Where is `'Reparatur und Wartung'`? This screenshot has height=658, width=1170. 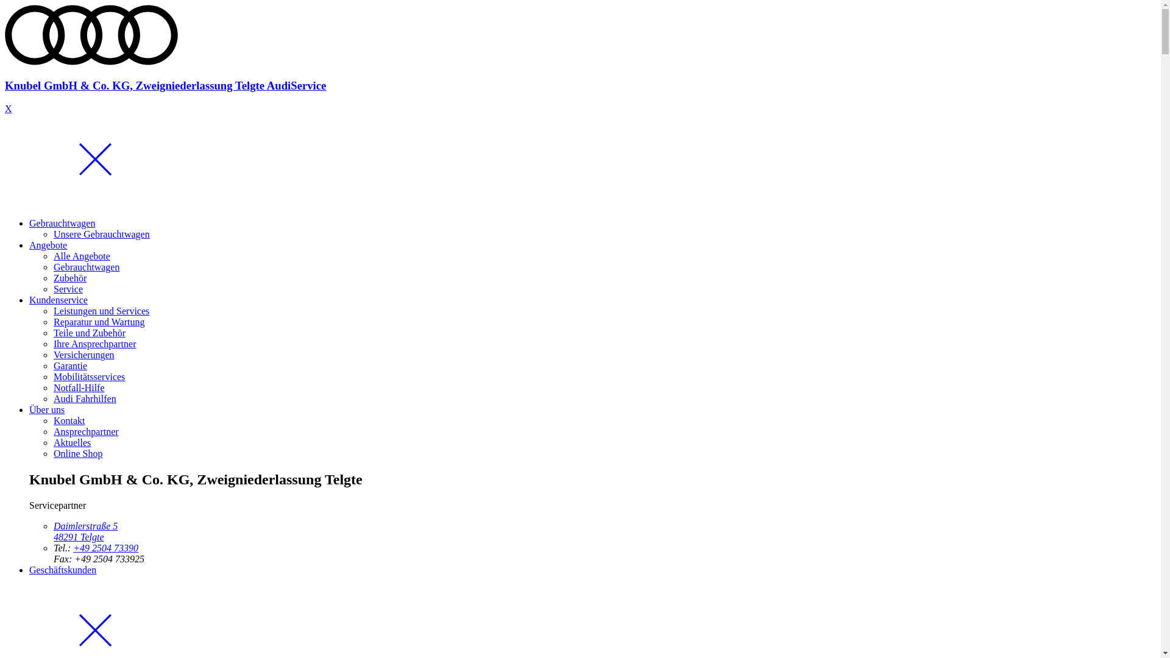
'Reparatur und Wartung' is located at coordinates (99, 321).